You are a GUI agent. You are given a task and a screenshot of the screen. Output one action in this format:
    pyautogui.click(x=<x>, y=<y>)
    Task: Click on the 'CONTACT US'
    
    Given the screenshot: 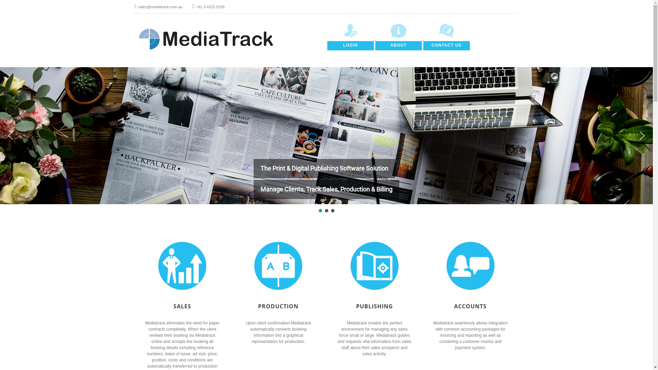 What is the action you would take?
    pyautogui.click(x=446, y=46)
    